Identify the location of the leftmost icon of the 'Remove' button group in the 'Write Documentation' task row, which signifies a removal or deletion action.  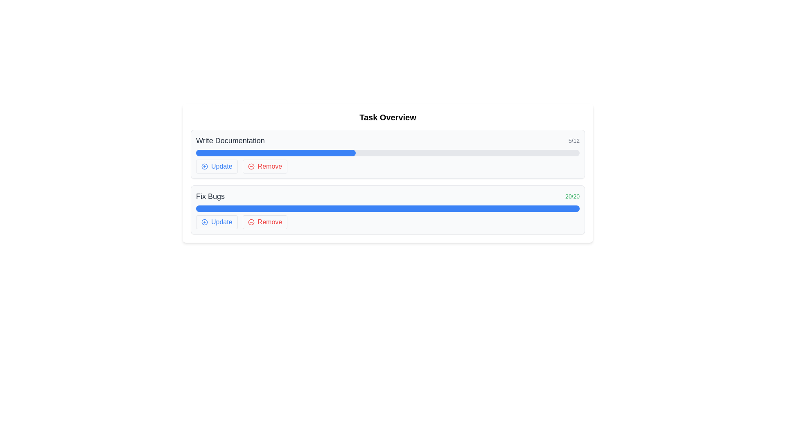
(251, 166).